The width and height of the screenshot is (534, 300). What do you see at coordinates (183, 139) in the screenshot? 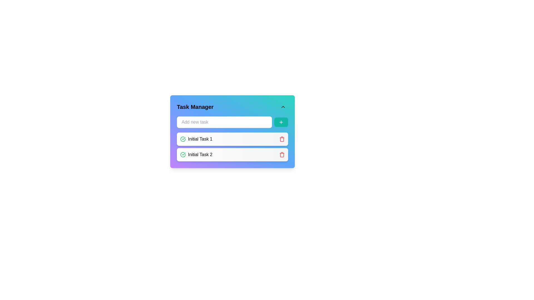
I see `the completion icon for the task 'Initial Task 1' located to the left of the associated text, ensuring it visually indicates that the task has been marked as done` at bounding box center [183, 139].